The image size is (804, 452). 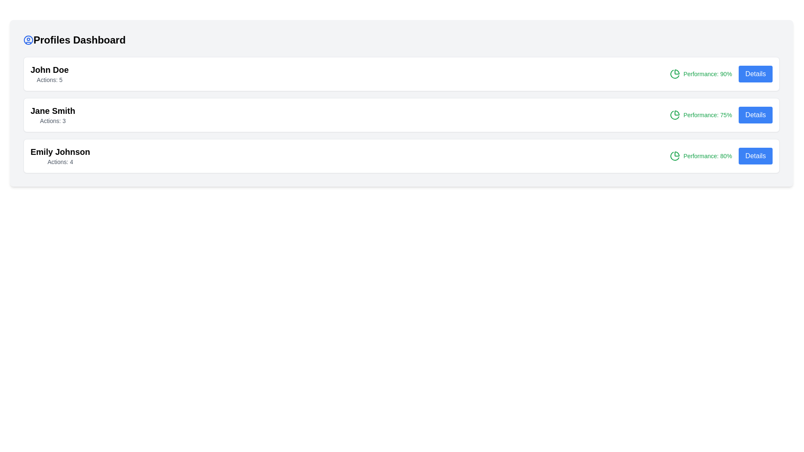 What do you see at coordinates (28, 40) in the screenshot?
I see `the circular blue user icon located to the left of the 'Profiles Dashboard' heading` at bounding box center [28, 40].